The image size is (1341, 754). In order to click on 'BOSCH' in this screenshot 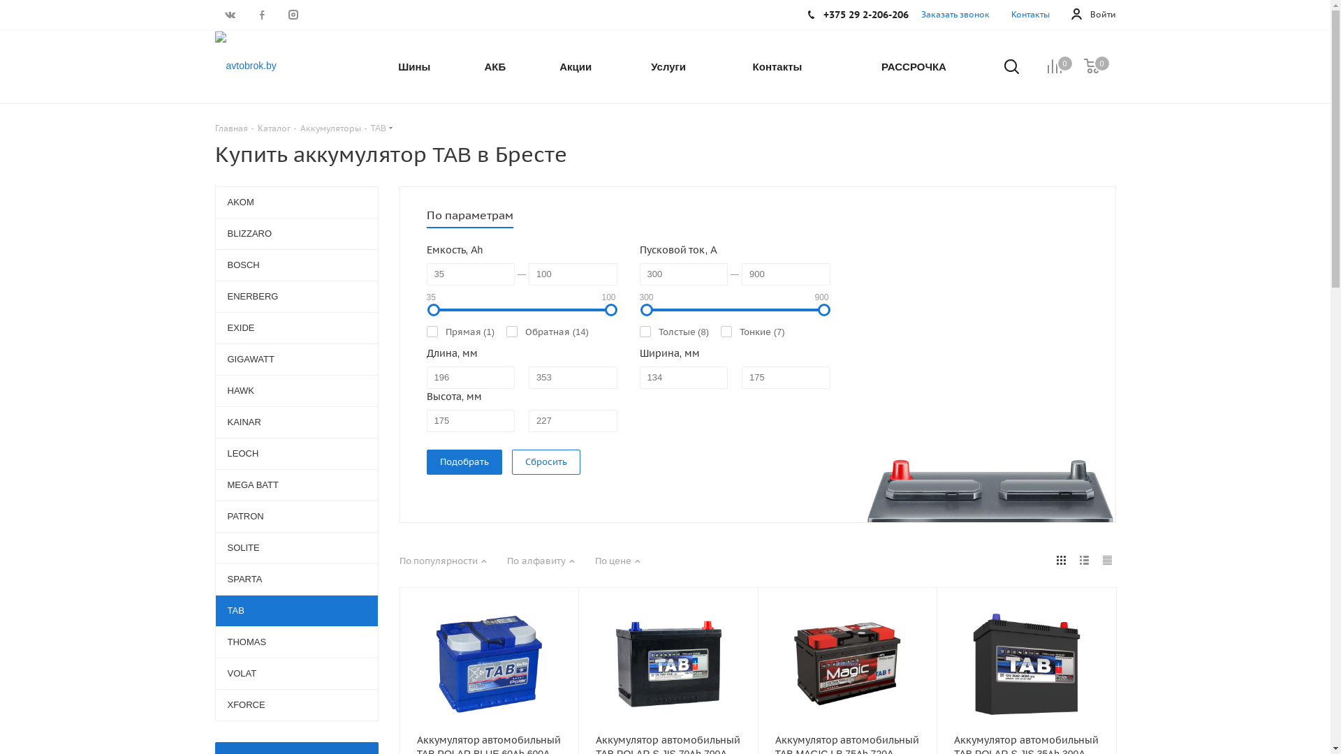, I will do `click(296, 265)`.